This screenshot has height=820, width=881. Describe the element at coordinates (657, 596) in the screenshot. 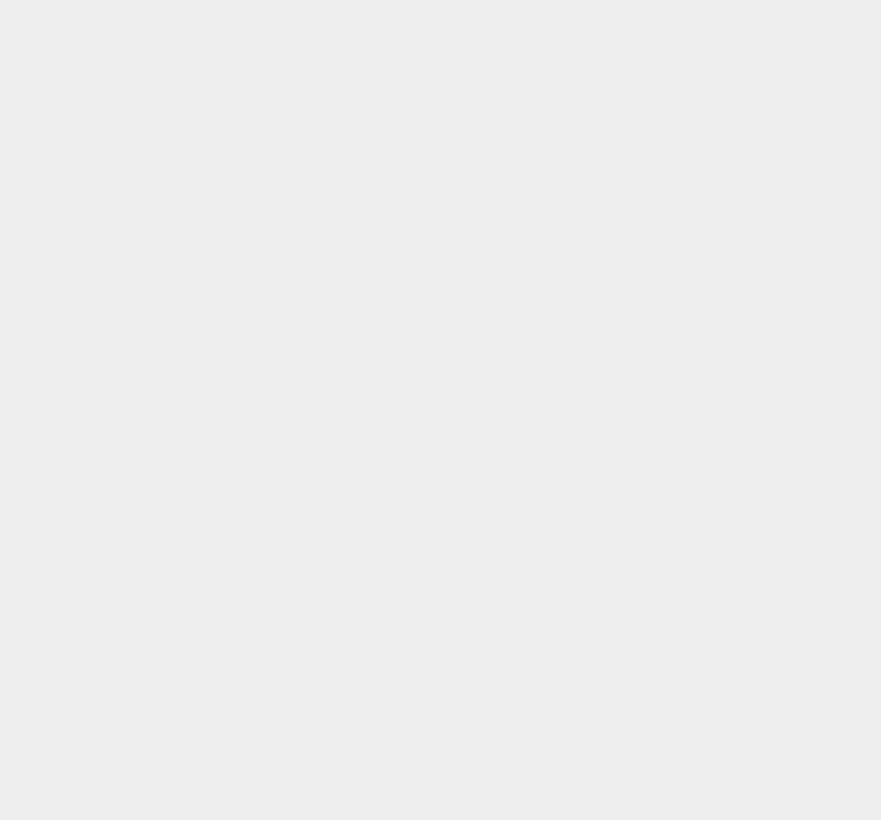

I see `'Graphic Design'` at that location.